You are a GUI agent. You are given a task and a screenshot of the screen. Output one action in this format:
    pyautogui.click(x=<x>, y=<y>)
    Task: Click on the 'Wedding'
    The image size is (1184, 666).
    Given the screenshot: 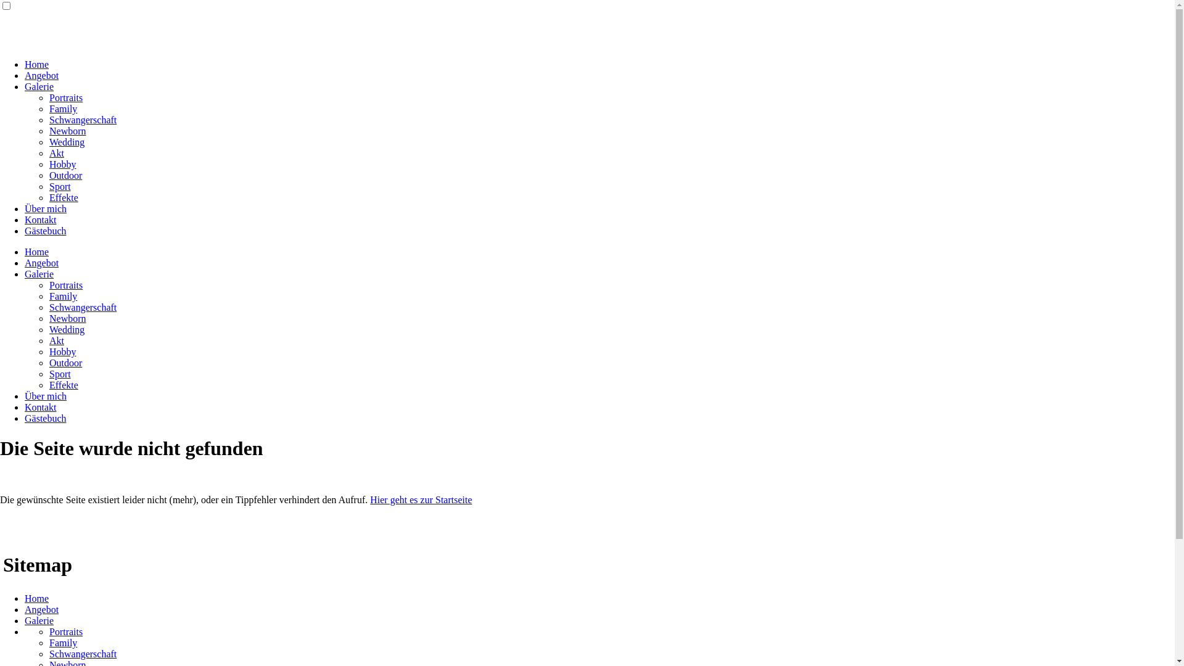 What is the action you would take?
    pyautogui.click(x=66, y=141)
    